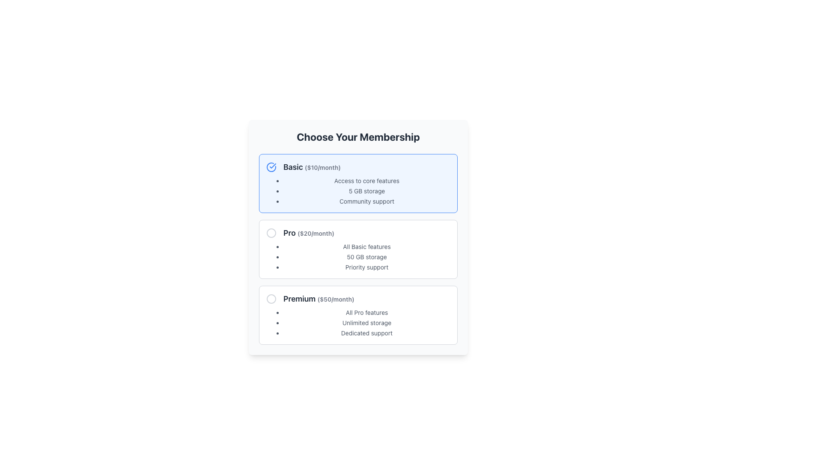  Describe the element at coordinates (367, 313) in the screenshot. I see `the informational text indicating a feature of the Premium membership option, which is the first item in a vertical bullet list located beside a bullet point below the 'Premium ($50/month)' title` at that location.